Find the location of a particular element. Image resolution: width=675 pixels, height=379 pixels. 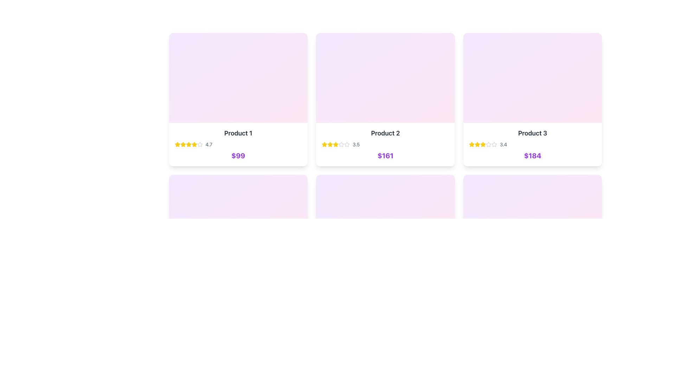

the button located in the top-right corner of the 'Product 3' card is located at coordinates (591, 43).